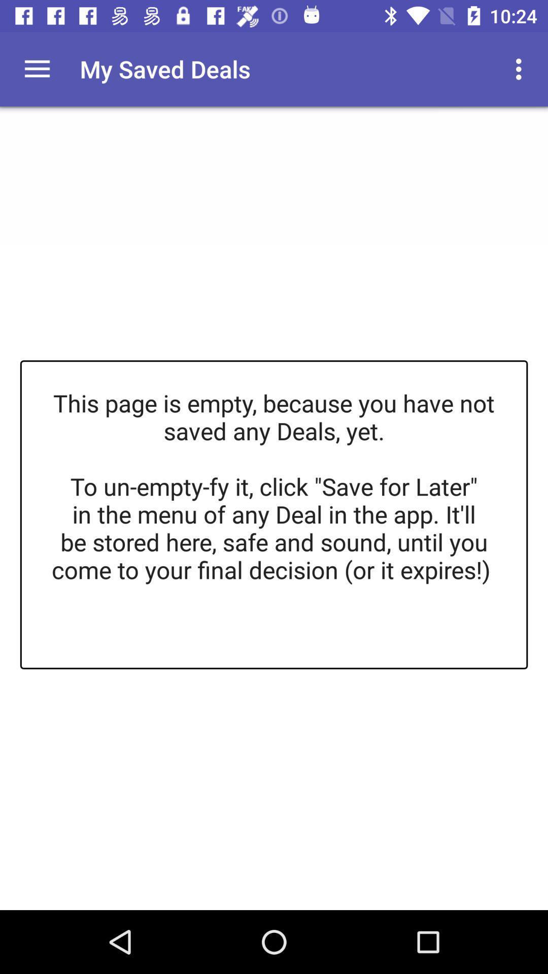 The height and width of the screenshot is (974, 548). Describe the element at coordinates (521, 68) in the screenshot. I see `the item at the top right corner` at that location.